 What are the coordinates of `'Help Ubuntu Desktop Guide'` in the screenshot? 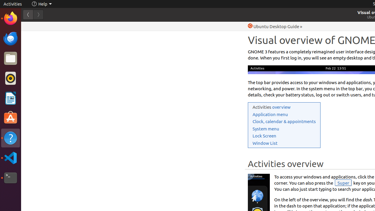 It's located at (273, 26).